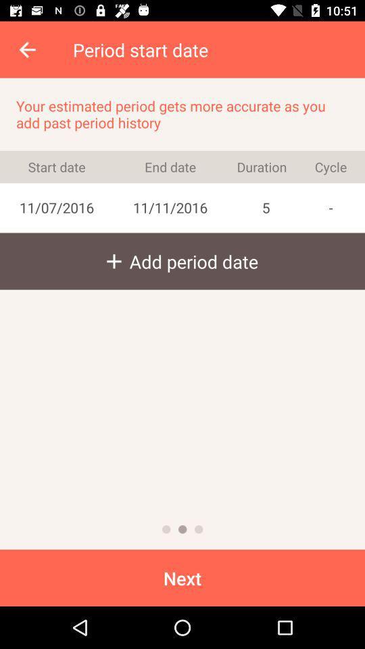  Describe the element at coordinates (198, 529) in the screenshot. I see `number of launcher pages` at that location.